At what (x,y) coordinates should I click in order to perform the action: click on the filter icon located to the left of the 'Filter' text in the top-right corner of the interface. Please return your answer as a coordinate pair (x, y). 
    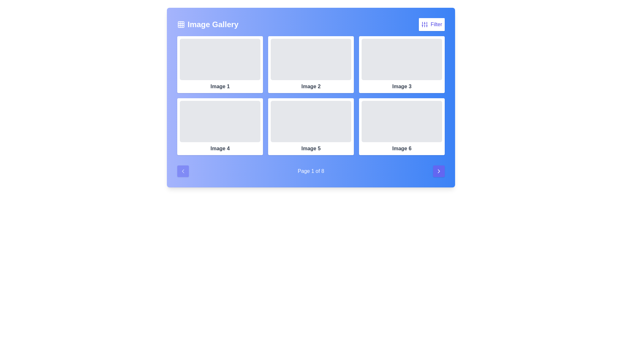
    Looking at the image, I should click on (425, 24).